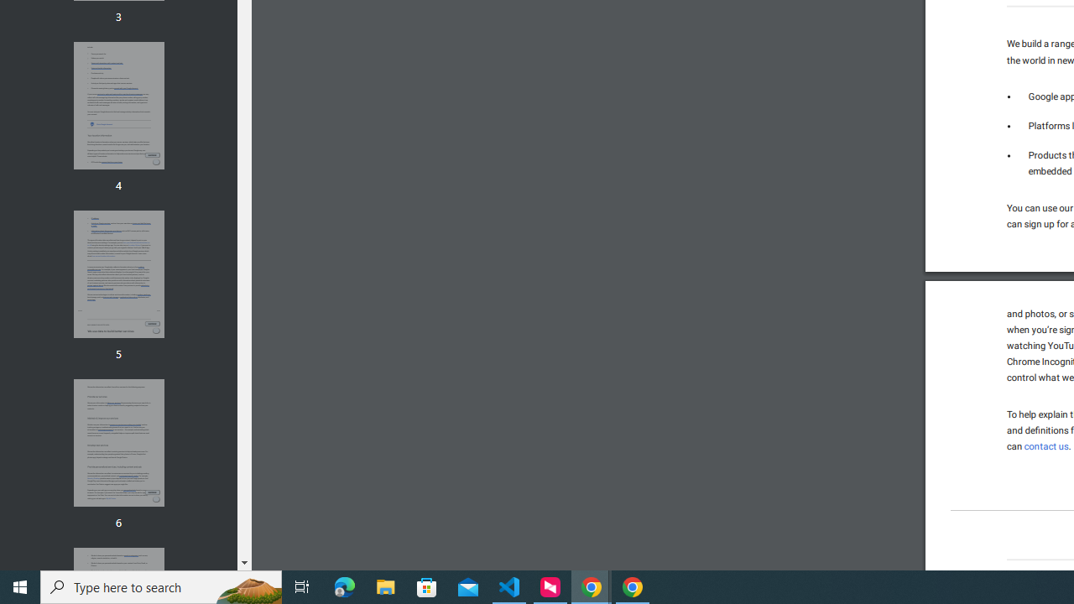 Image resolution: width=1074 pixels, height=604 pixels. What do you see at coordinates (1045, 445) in the screenshot?
I see `'contact us'` at bounding box center [1045, 445].